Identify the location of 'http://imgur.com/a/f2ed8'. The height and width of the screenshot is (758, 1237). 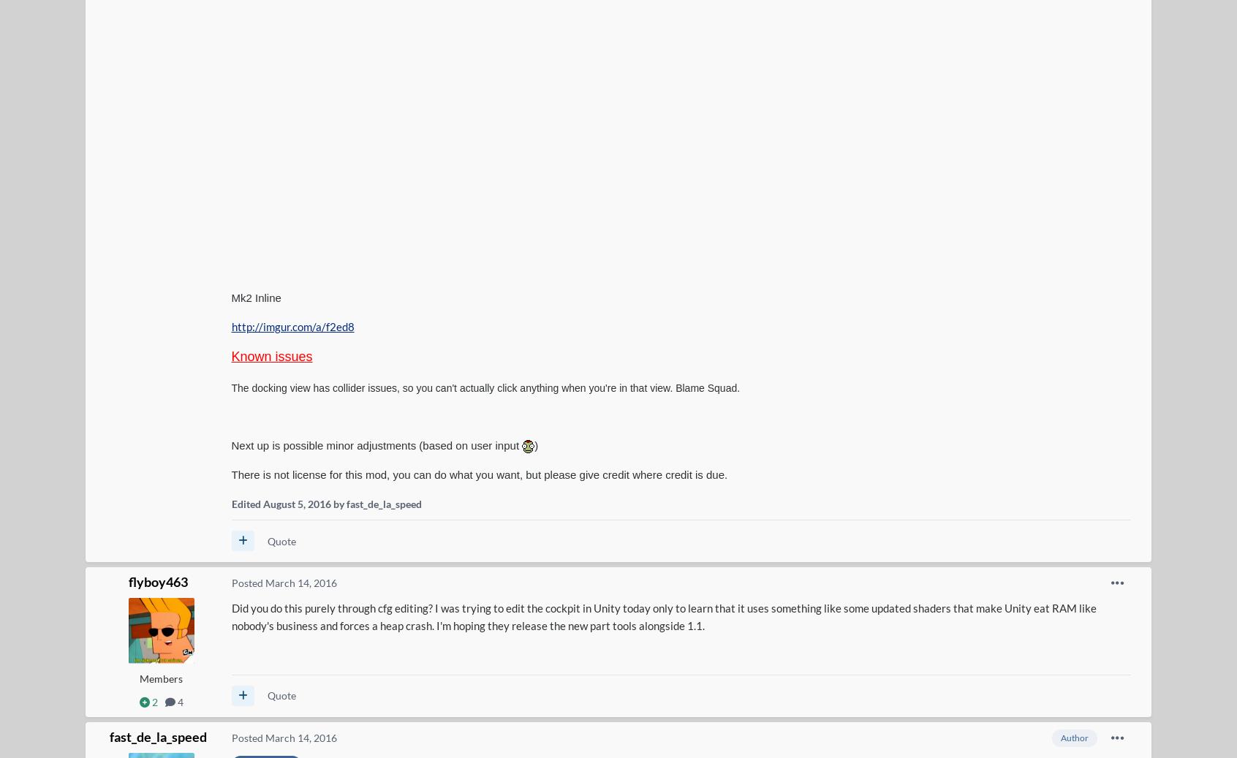
(292, 326).